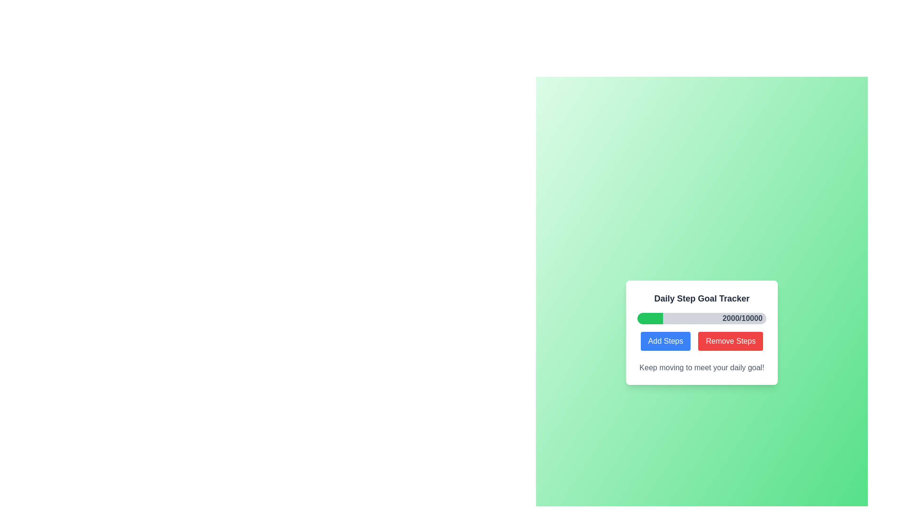 This screenshot has width=910, height=512. I want to click on the 'Remove Steps' button within the 'Daily Step Goal Tracker' to decrement the step count, so click(702, 341).